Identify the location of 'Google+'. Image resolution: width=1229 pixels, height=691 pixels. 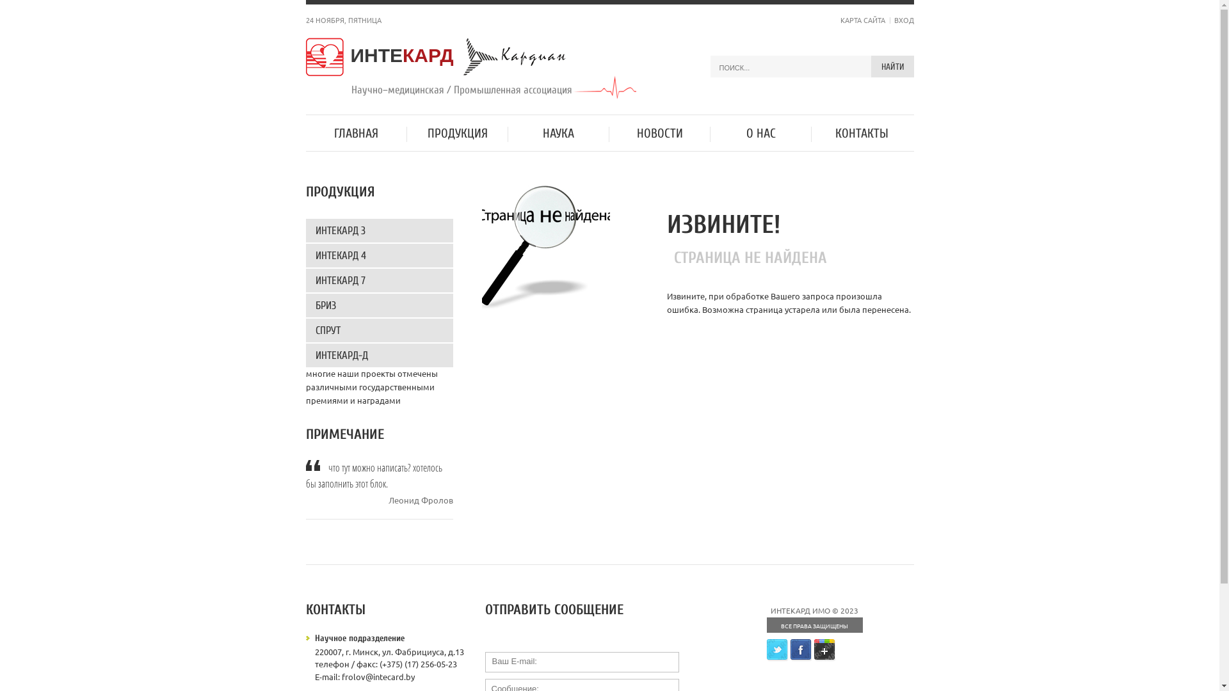
(825, 646).